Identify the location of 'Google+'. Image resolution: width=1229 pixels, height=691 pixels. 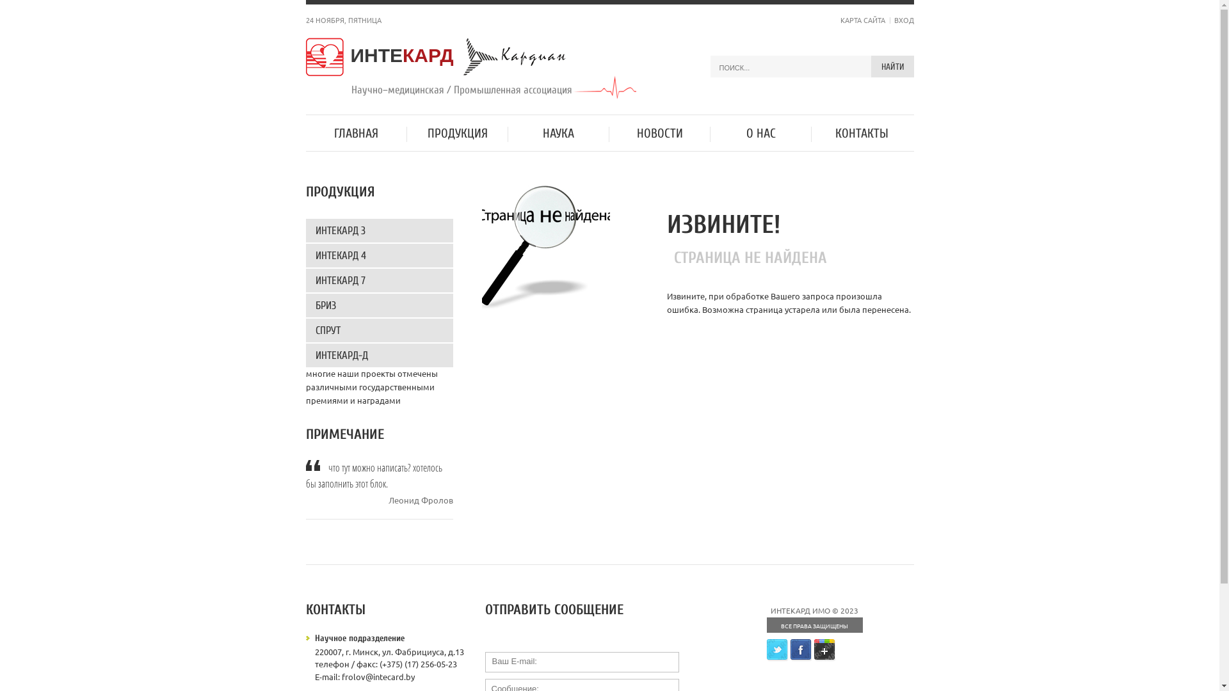
(825, 646).